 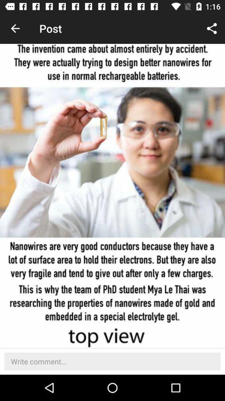 What do you see at coordinates (212, 28) in the screenshot?
I see `the item to the right of the post icon` at bounding box center [212, 28].